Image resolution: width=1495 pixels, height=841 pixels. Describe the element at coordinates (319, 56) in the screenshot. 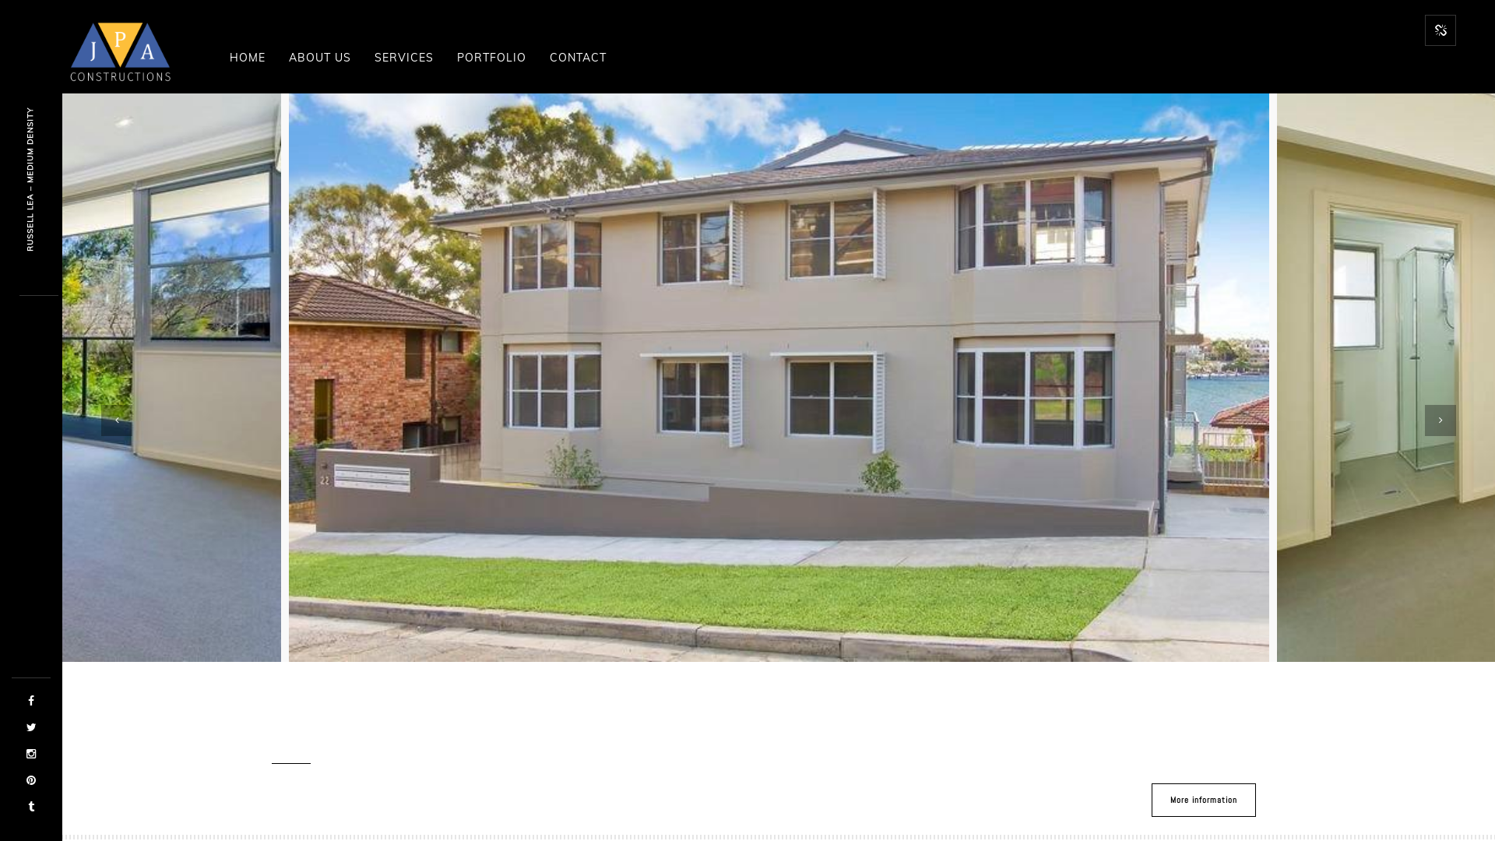

I see `'ABOUT US'` at that location.